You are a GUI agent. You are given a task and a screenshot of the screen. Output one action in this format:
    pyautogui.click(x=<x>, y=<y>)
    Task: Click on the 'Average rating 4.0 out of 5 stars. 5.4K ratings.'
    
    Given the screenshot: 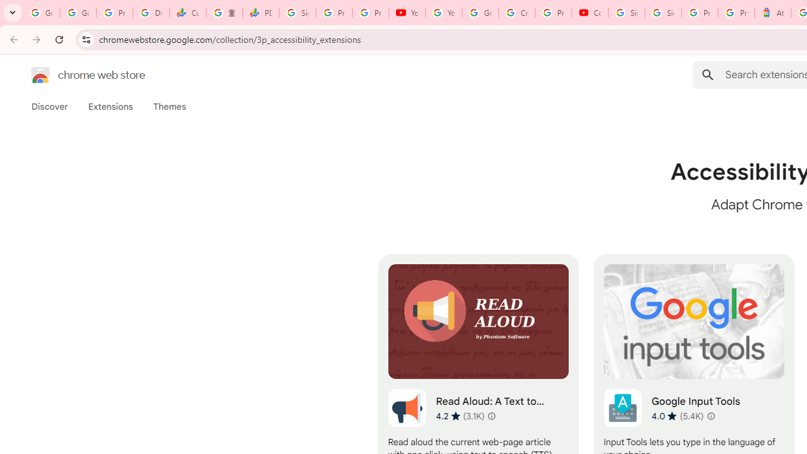 What is the action you would take?
    pyautogui.click(x=677, y=416)
    